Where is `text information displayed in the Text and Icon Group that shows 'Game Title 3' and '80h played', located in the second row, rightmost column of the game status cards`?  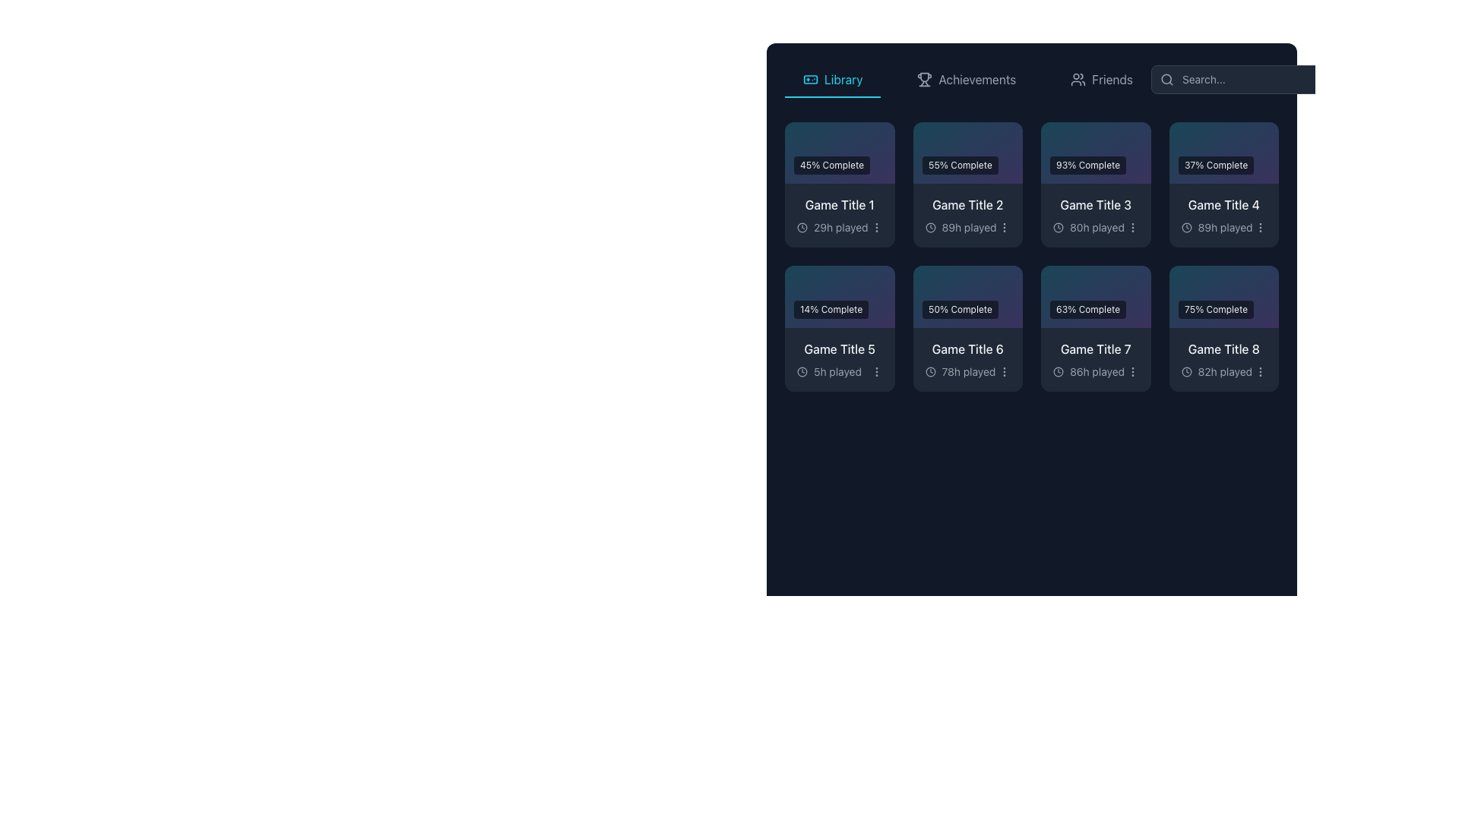 text information displayed in the Text and Icon Group that shows 'Game Title 3' and '80h played', located in the second row, rightmost column of the game status cards is located at coordinates (1096, 216).